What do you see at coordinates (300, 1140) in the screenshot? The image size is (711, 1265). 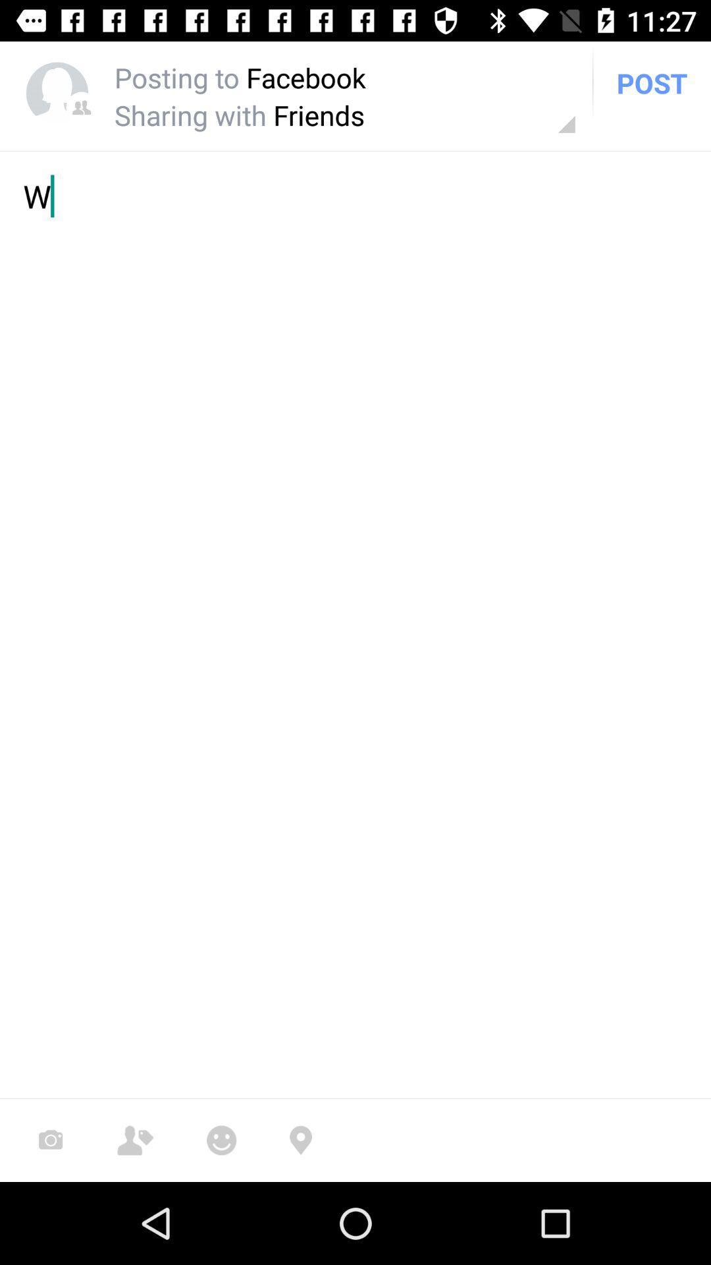 I see `the location icon` at bounding box center [300, 1140].